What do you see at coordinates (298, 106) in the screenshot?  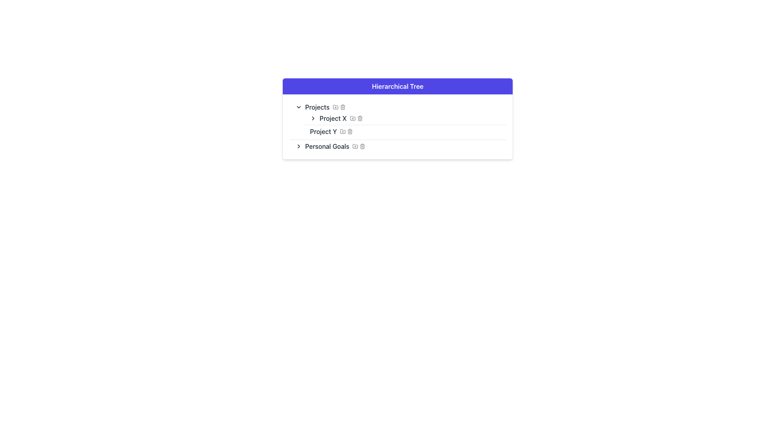 I see `the Dropdown Indicator next to the 'Projects' section header` at bounding box center [298, 106].